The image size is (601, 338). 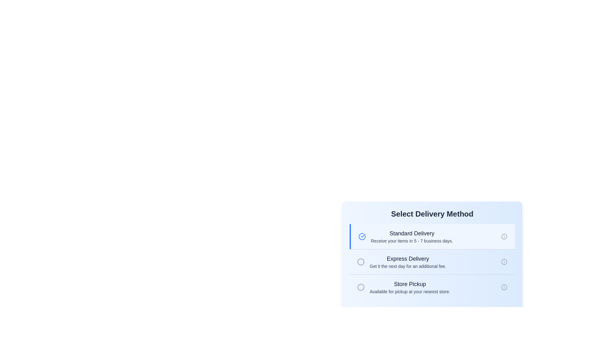 What do you see at coordinates (410, 284) in the screenshot?
I see `the 'Store Pickup' label in the delivery method selection interface, which is located near the bottom of the panel and above additional pickup information` at bounding box center [410, 284].